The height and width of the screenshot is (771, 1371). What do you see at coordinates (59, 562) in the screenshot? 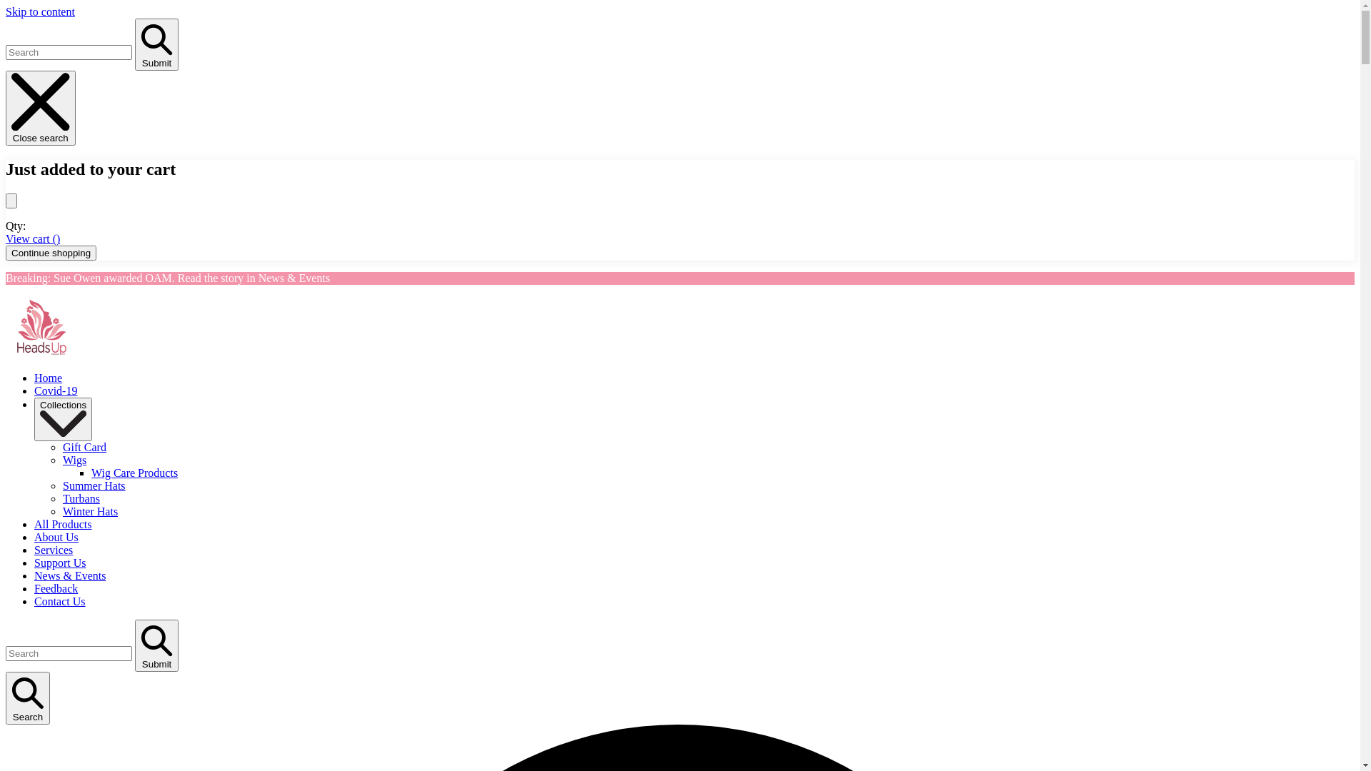
I see `'Support Us'` at bounding box center [59, 562].